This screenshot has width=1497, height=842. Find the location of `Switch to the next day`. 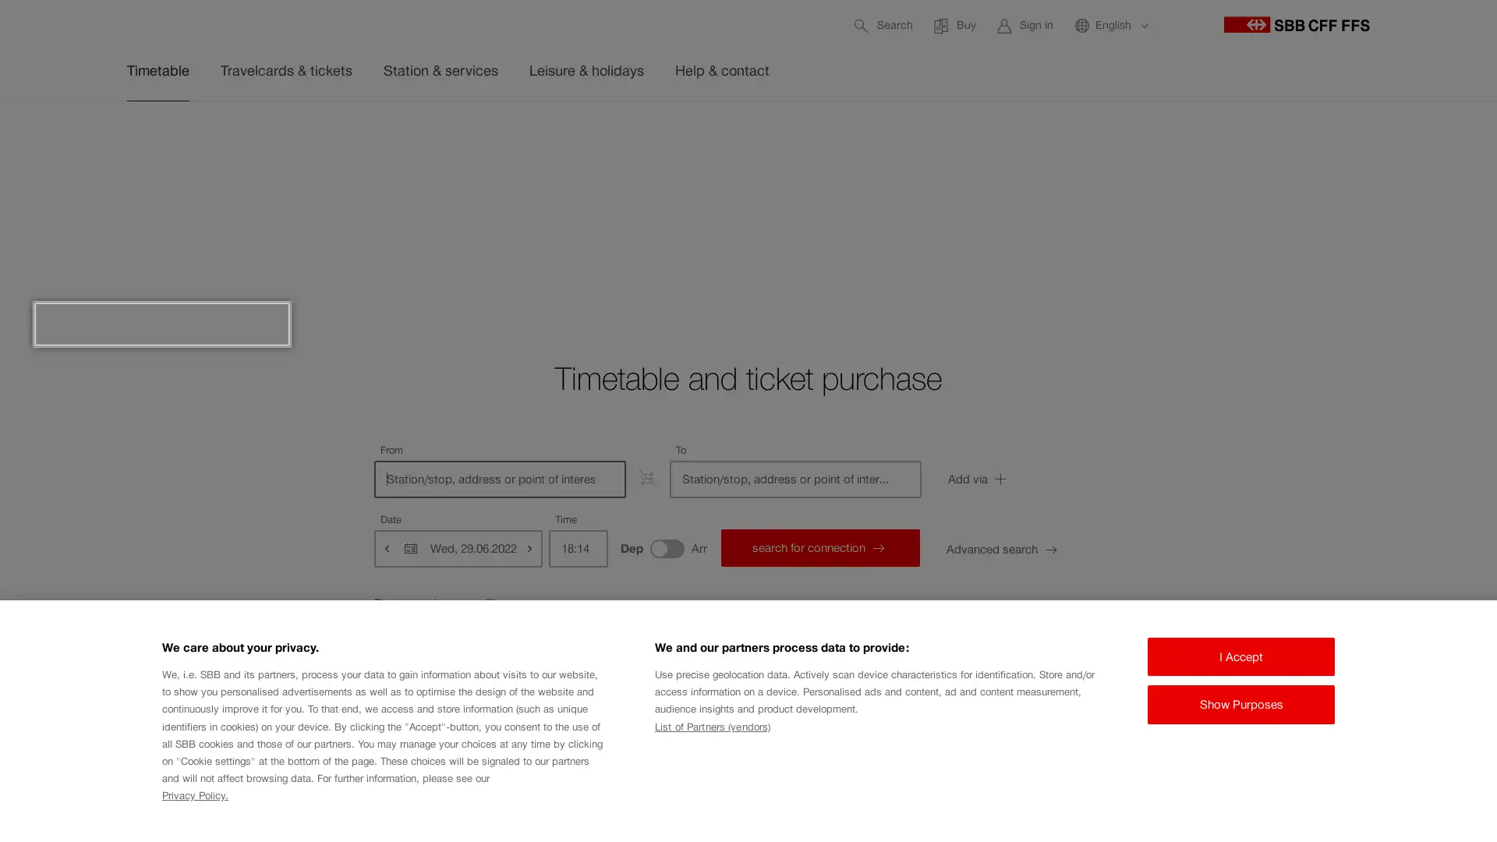

Switch to the next day is located at coordinates (528, 547).